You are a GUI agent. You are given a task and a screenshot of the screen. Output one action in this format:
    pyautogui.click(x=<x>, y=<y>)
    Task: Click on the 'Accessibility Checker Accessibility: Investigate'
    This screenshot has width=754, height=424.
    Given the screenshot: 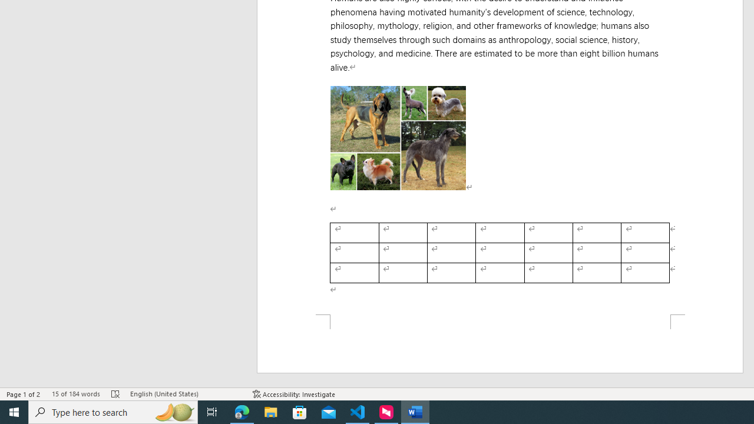 What is the action you would take?
    pyautogui.click(x=294, y=394)
    